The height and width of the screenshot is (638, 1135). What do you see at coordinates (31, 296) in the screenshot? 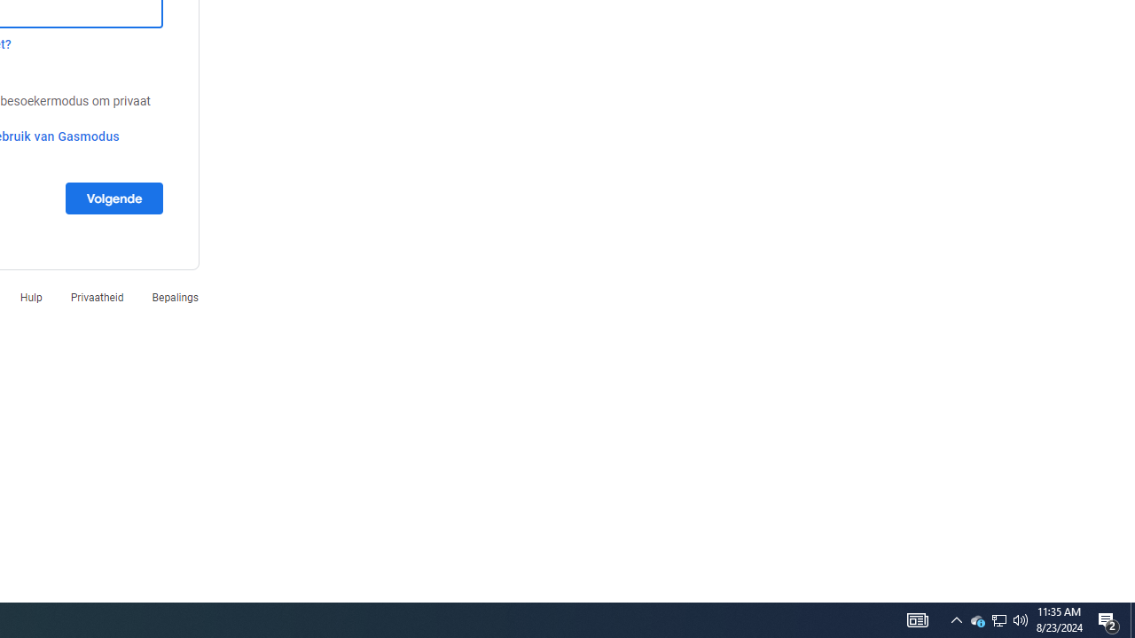
I see `'Hulp'` at bounding box center [31, 296].